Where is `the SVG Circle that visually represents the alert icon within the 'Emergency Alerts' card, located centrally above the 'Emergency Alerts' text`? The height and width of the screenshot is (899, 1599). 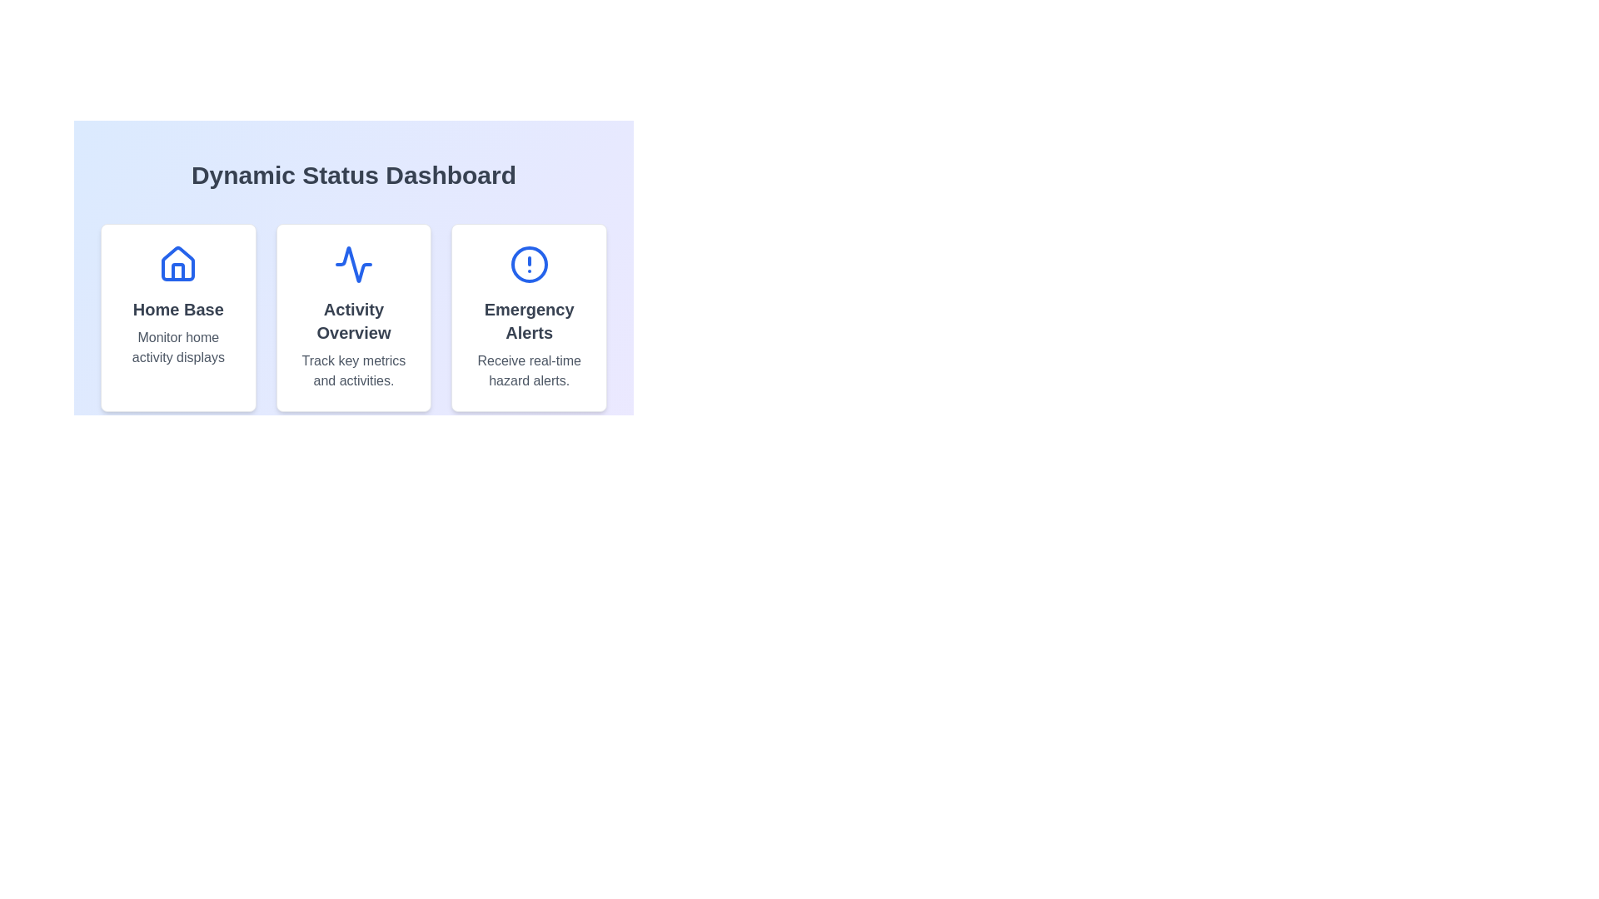 the SVG Circle that visually represents the alert icon within the 'Emergency Alerts' card, located centrally above the 'Emergency Alerts' text is located at coordinates (528, 263).